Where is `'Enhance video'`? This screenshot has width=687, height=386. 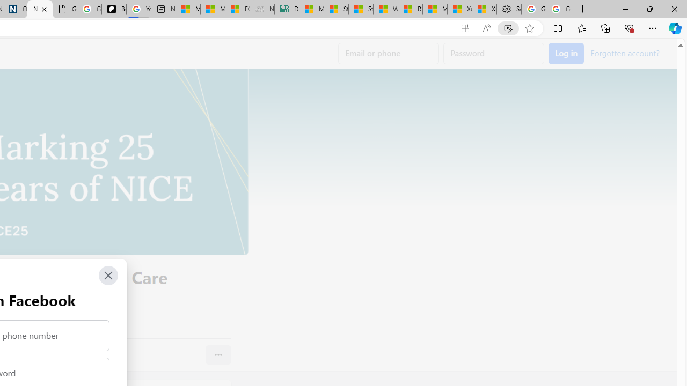 'Enhance video' is located at coordinates (507, 28).